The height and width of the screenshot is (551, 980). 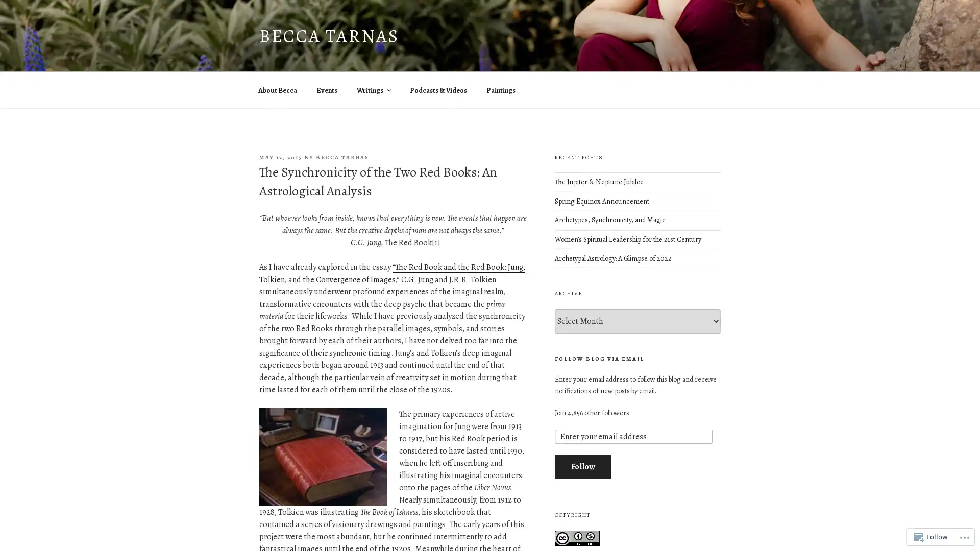 What do you see at coordinates (582, 466) in the screenshot?
I see `Follow` at bounding box center [582, 466].